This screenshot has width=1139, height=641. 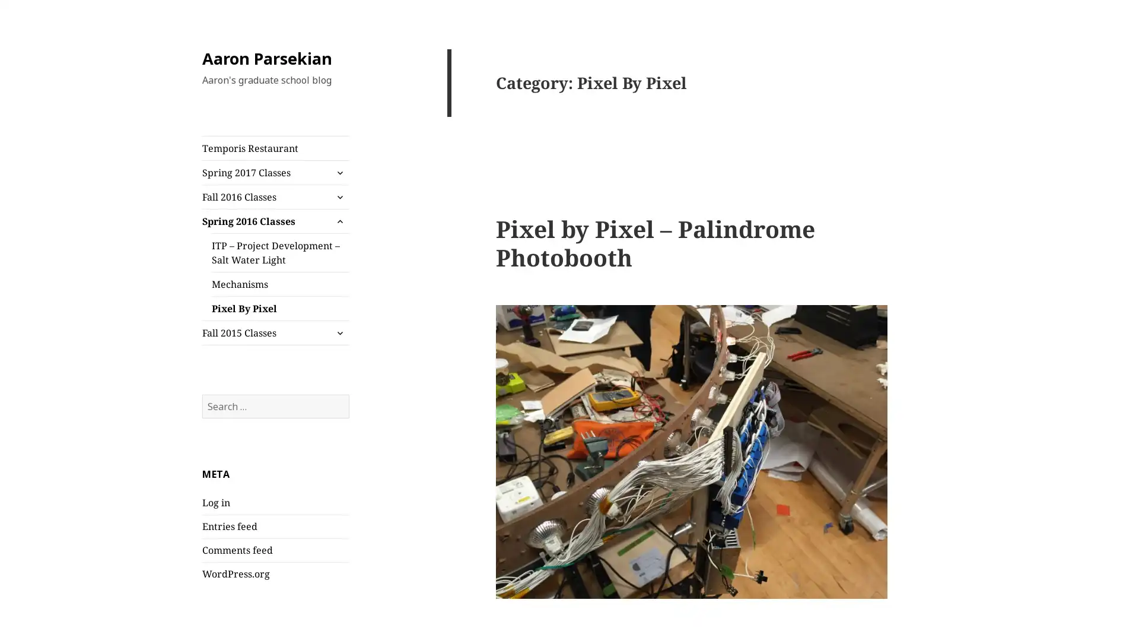 What do you see at coordinates (338, 332) in the screenshot?
I see `expand child menu` at bounding box center [338, 332].